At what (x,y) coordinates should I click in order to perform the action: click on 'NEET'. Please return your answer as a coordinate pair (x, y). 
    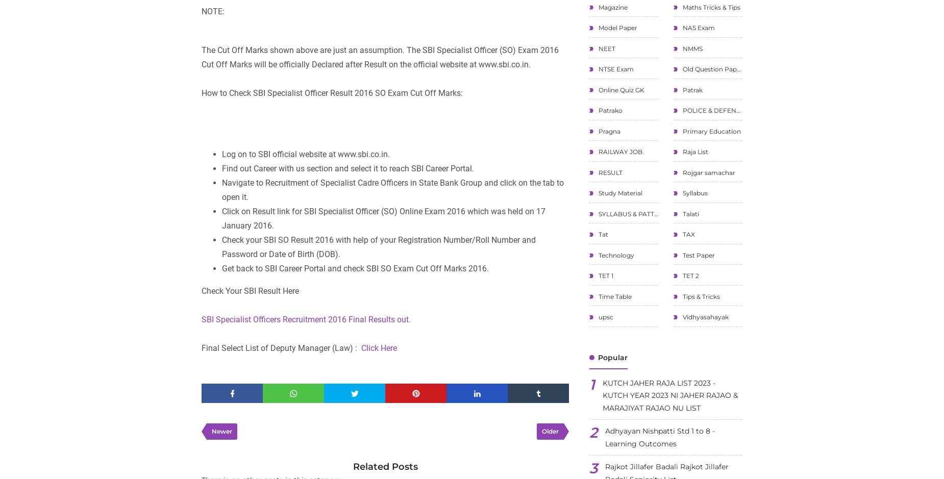
    Looking at the image, I should click on (606, 48).